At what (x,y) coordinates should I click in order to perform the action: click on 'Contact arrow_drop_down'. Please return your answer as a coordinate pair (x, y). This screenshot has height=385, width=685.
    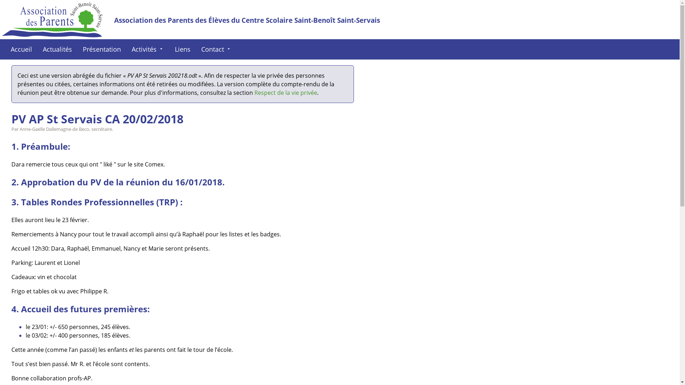
    Looking at the image, I should click on (216, 49).